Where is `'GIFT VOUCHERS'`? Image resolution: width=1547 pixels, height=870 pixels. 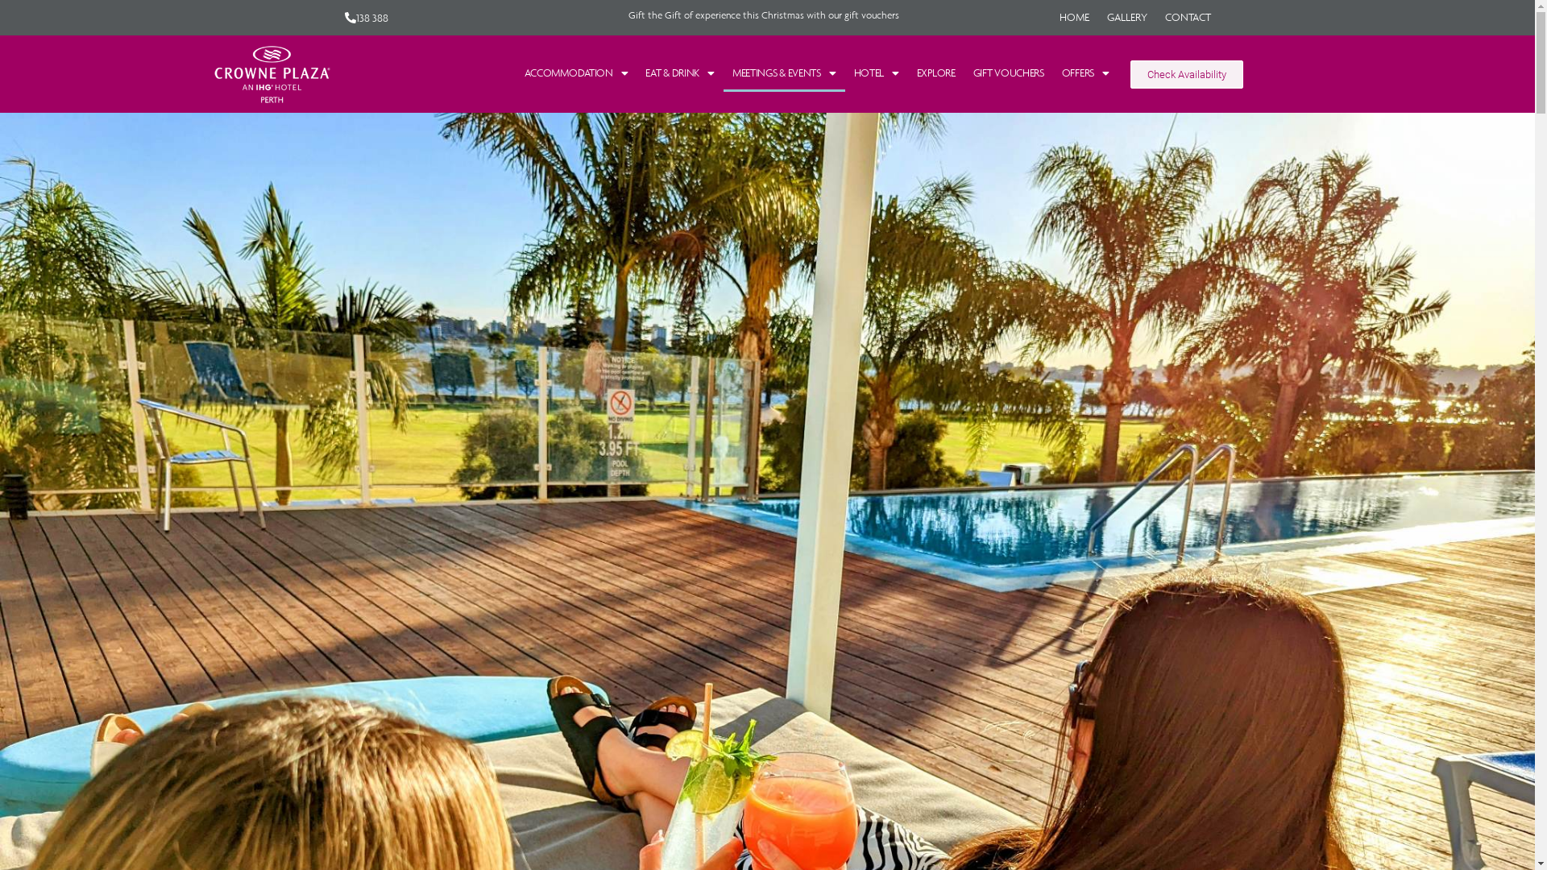
'GIFT VOUCHERS' is located at coordinates (1008, 73).